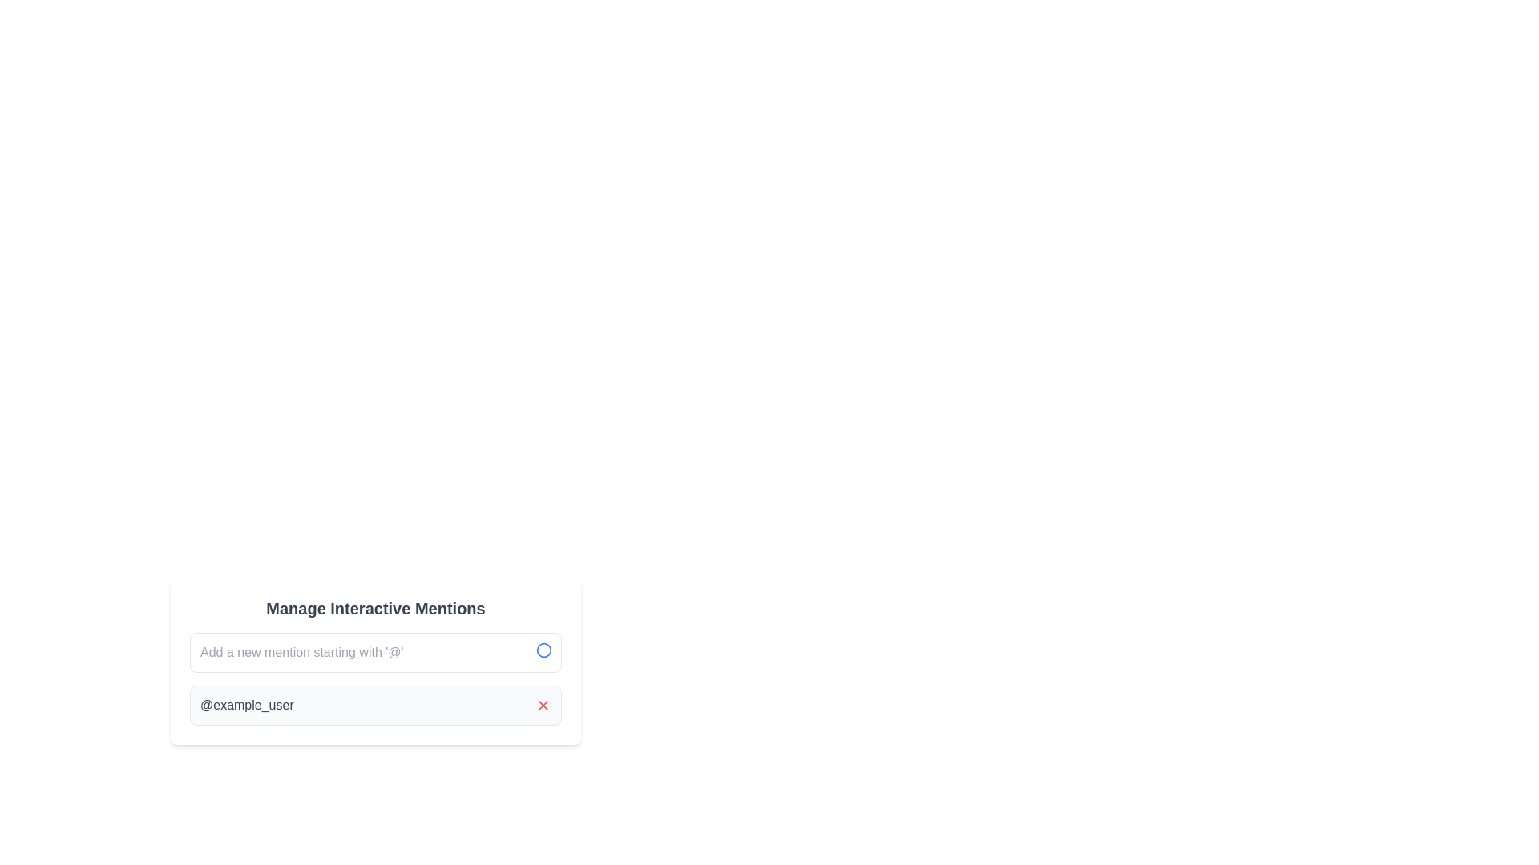  I want to click on the close icon part of the SVG graphics located near the right side of the user mention input field '@example_user', so click(543, 704).